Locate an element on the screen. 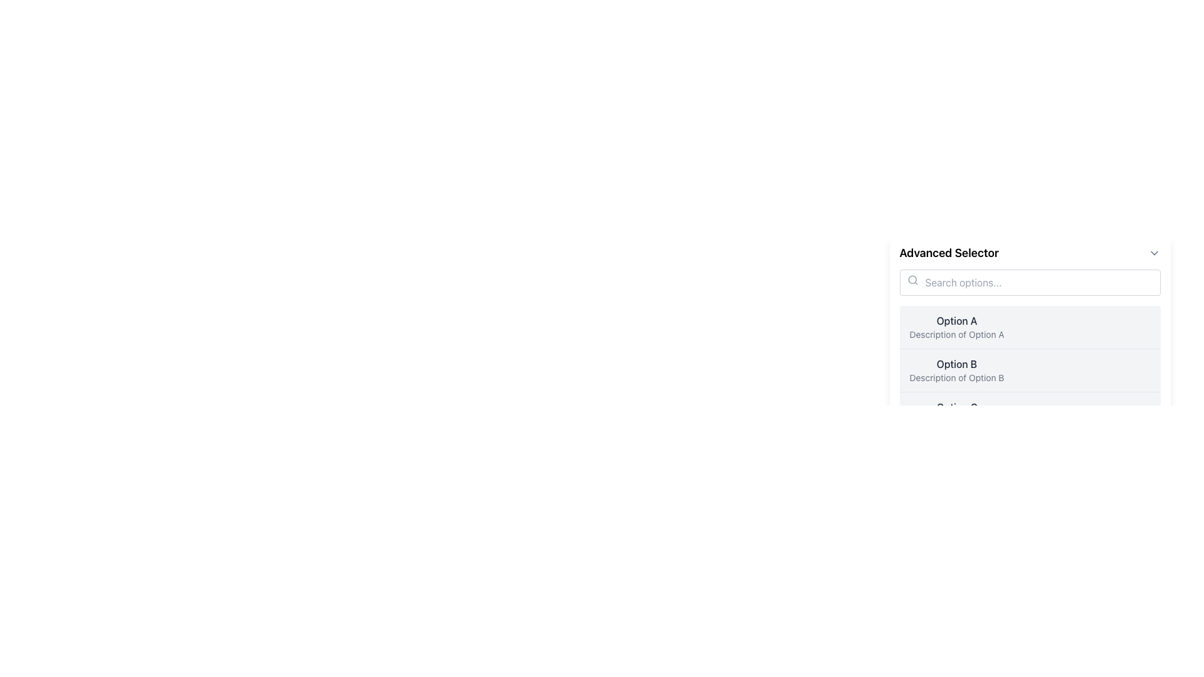  the text label displaying 'Option B', which is styled in dark gray and positioned below 'Option A' in the 'Advanced Selector' section is located at coordinates (956, 364).